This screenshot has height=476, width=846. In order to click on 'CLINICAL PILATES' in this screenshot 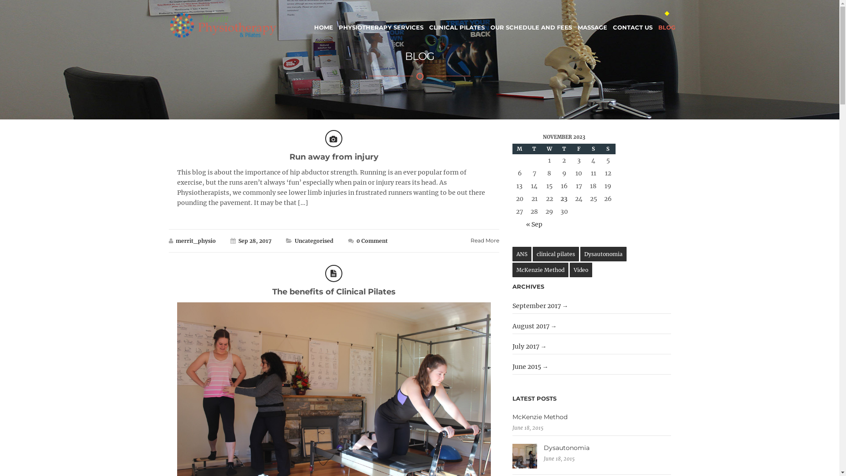, I will do `click(456, 22)`.